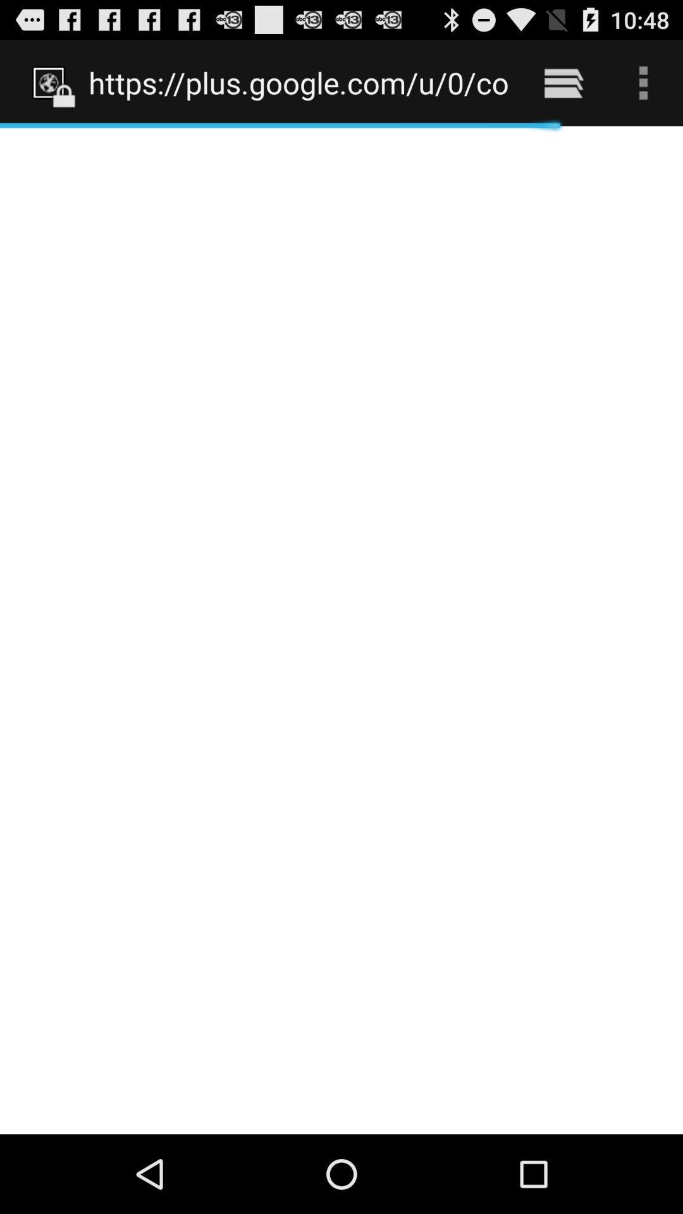 Image resolution: width=683 pixels, height=1214 pixels. I want to click on icon to the right of the https plus google, so click(563, 82).